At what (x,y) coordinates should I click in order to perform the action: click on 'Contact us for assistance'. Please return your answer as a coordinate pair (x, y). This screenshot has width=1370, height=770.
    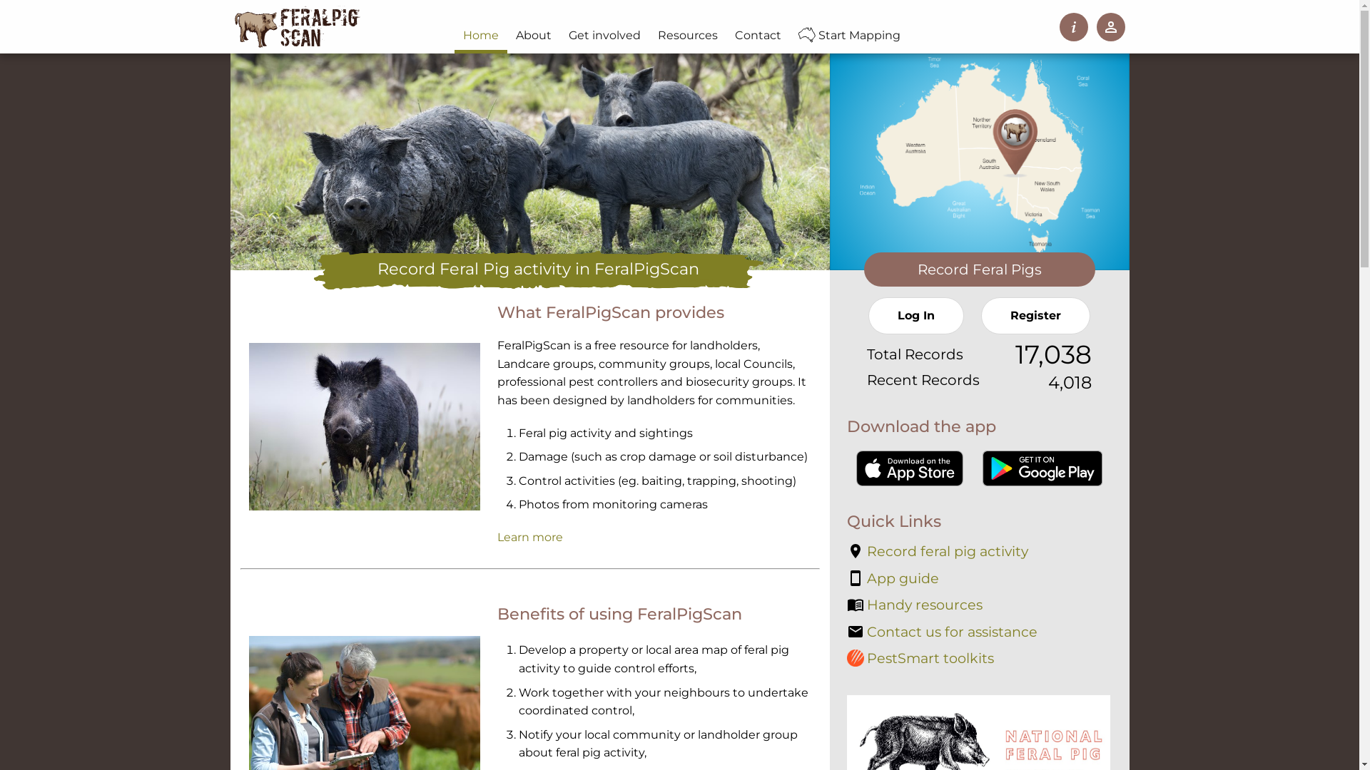
    Looking at the image, I should click on (941, 632).